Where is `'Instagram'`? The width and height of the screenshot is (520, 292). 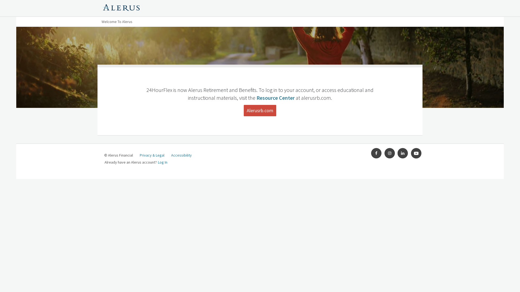
'Instagram' is located at coordinates (389, 153).